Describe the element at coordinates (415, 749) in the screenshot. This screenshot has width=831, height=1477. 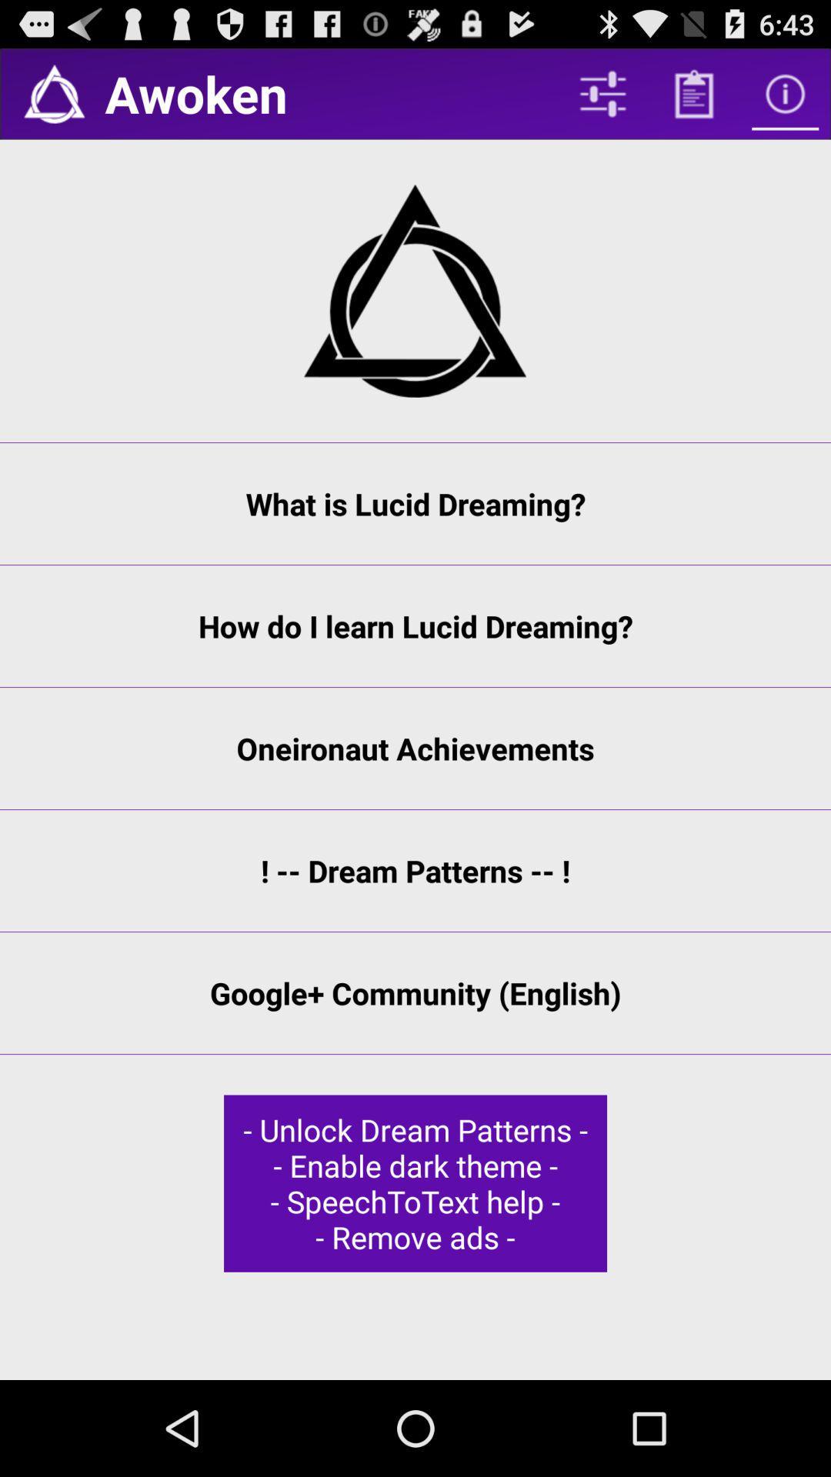
I see `oneironaut achievements item` at that location.